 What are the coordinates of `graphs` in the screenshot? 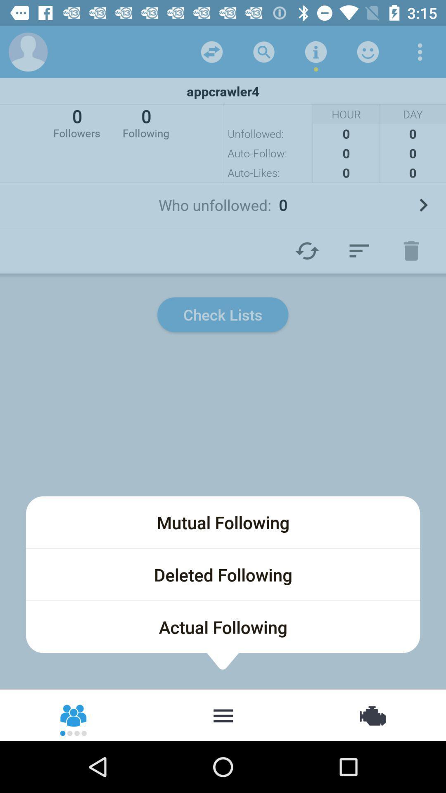 It's located at (359, 250).